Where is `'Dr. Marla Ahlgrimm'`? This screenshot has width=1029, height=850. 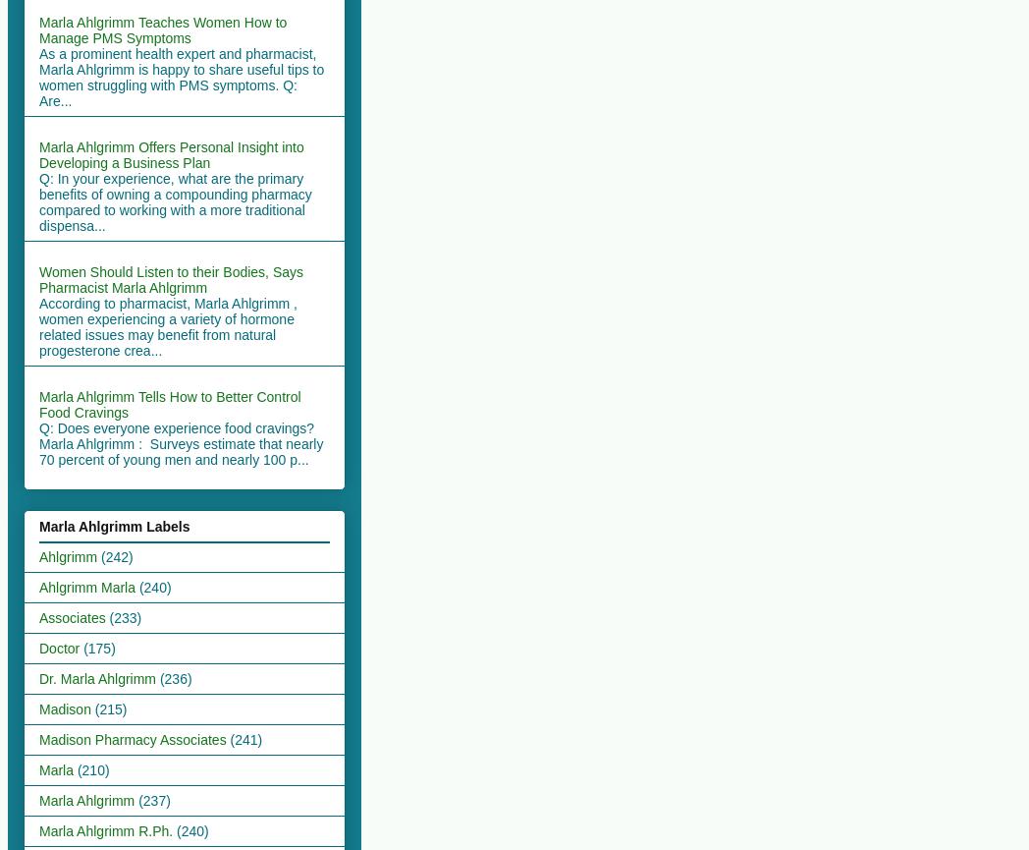 'Dr. Marla Ahlgrimm' is located at coordinates (96, 678).